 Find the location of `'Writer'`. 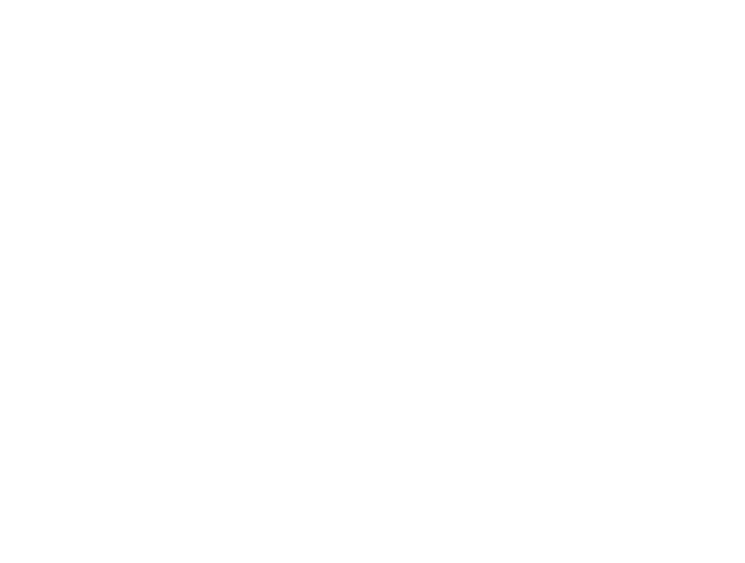

'Writer' is located at coordinates (73, 31).